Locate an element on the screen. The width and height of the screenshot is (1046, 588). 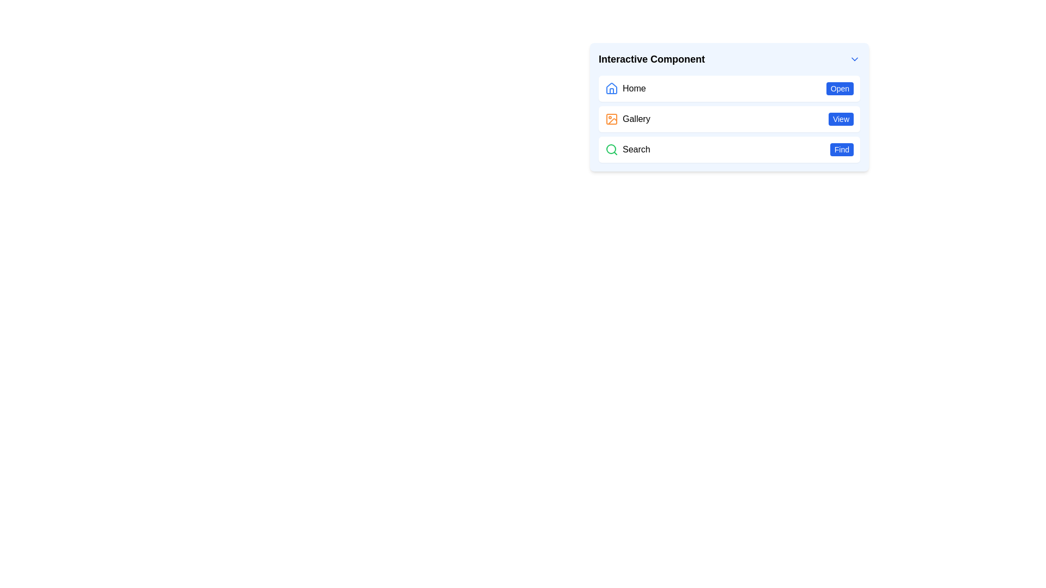
the icon located in the upper-right corner of the 'Interactive Component' panel is located at coordinates (854, 59).